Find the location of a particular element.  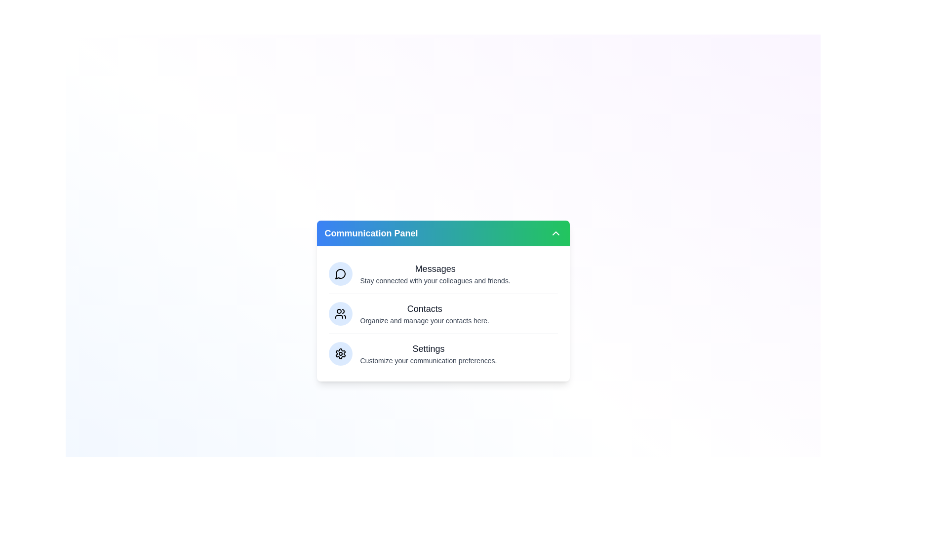

the Contacts section visually is located at coordinates (340, 314).